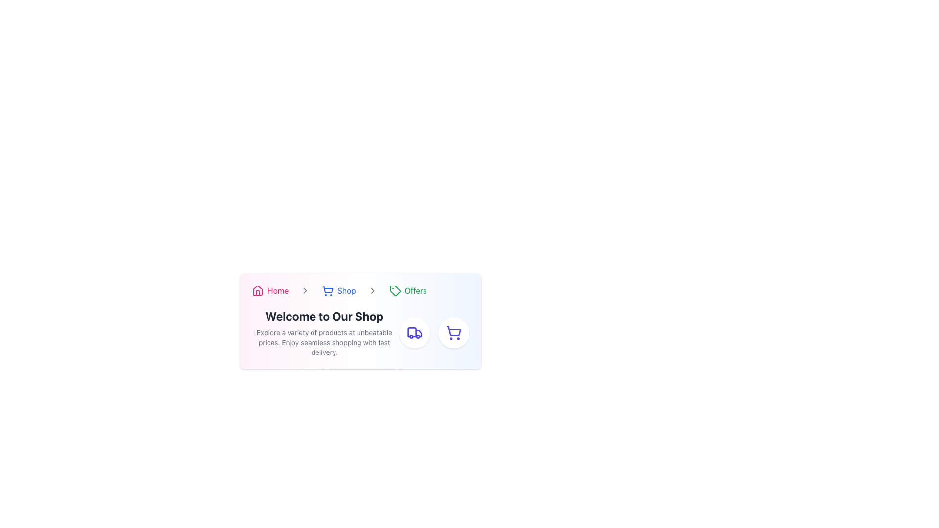 The width and height of the screenshot is (939, 528). I want to click on the graphical house icon in the navigation bar at the top of the card, so click(258, 290).